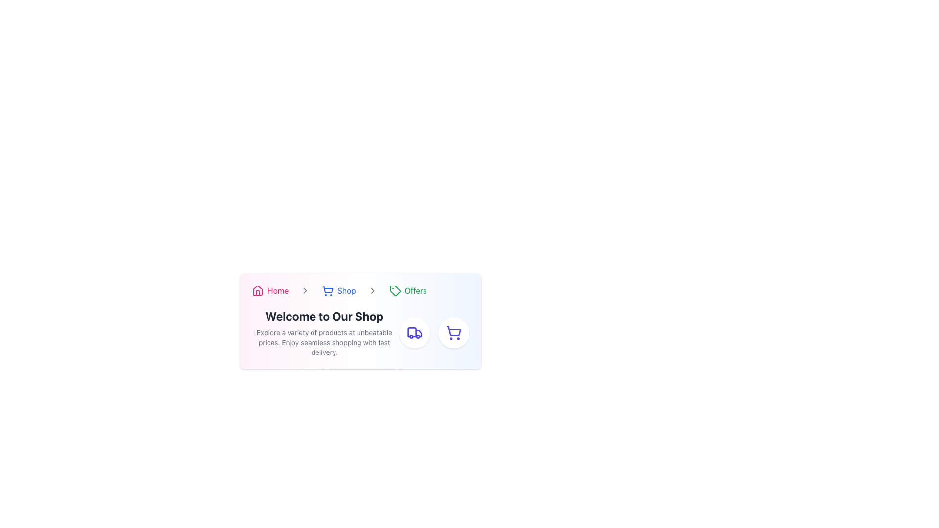 The width and height of the screenshot is (939, 528). I want to click on the graphical house icon in the navigation bar at the top of the card, so click(258, 290).